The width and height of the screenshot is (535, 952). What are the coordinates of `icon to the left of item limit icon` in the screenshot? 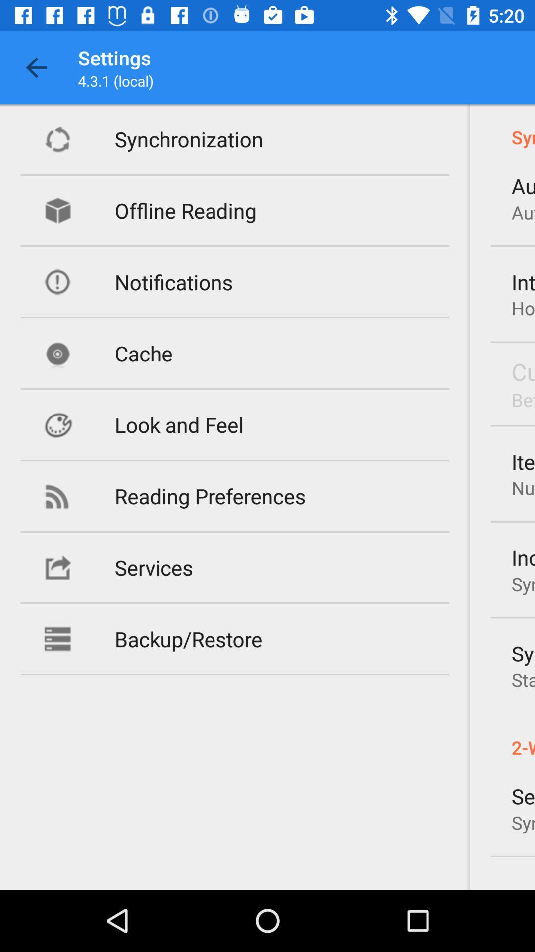 It's located at (210, 496).